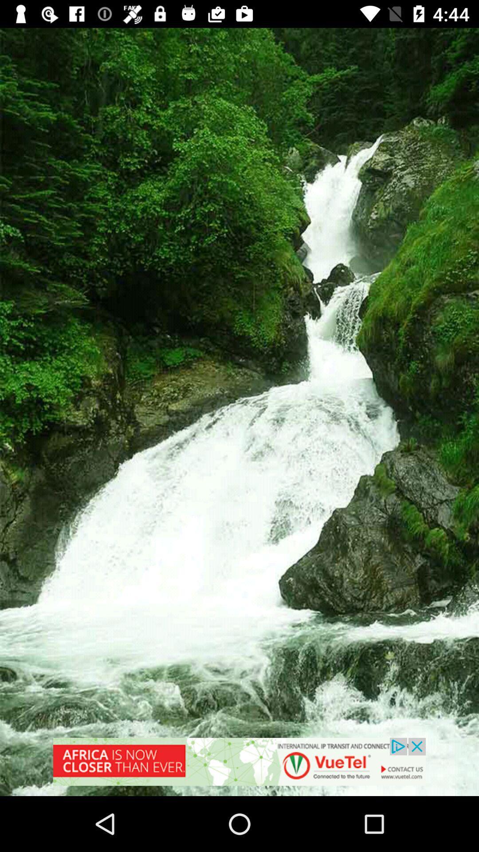 The height and width of the screenshot is (852, 479). I want to click on advertisement, so click(239, 766).